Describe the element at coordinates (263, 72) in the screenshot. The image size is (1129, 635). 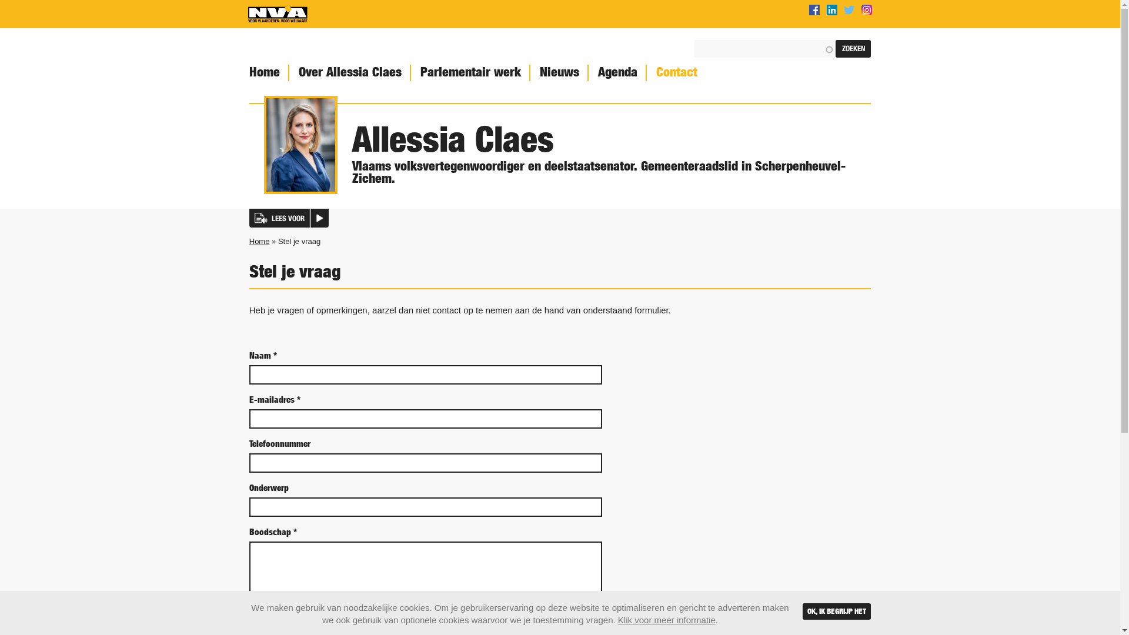
I see `'Home'` at that location.